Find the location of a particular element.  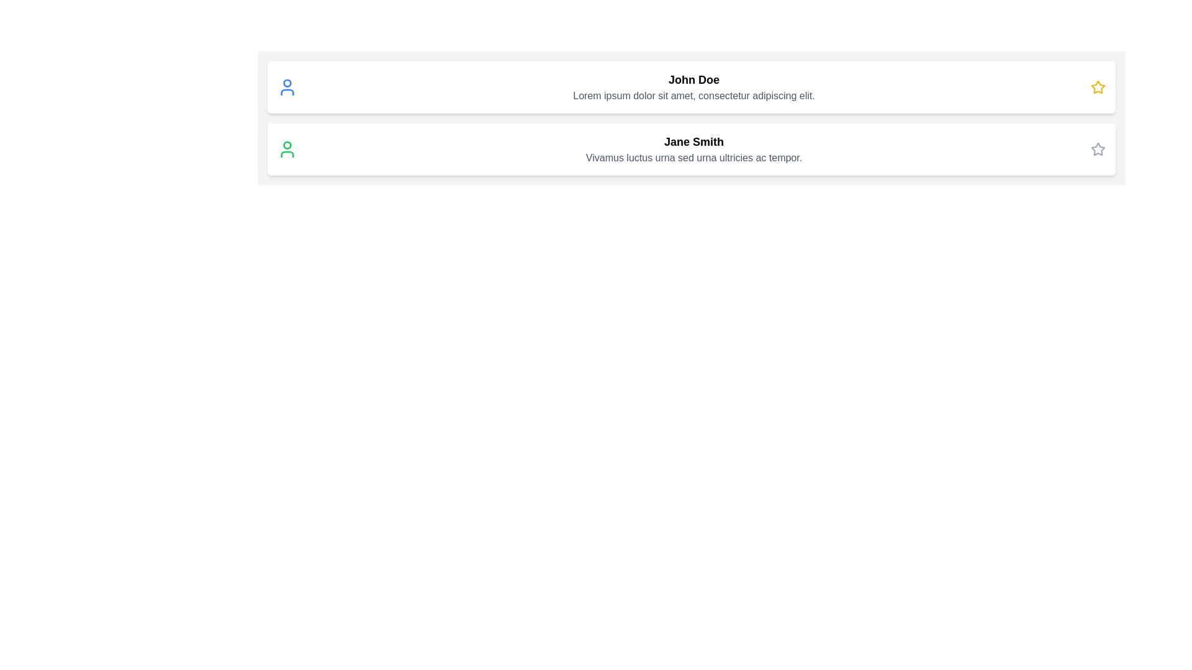

the static text displaying 'Lorem ipsum dolor sit amet, consectetur adipiscing elit.' which is located beneath the name 'John Doe' in a card-like layout is located at coordinates (693, 95).